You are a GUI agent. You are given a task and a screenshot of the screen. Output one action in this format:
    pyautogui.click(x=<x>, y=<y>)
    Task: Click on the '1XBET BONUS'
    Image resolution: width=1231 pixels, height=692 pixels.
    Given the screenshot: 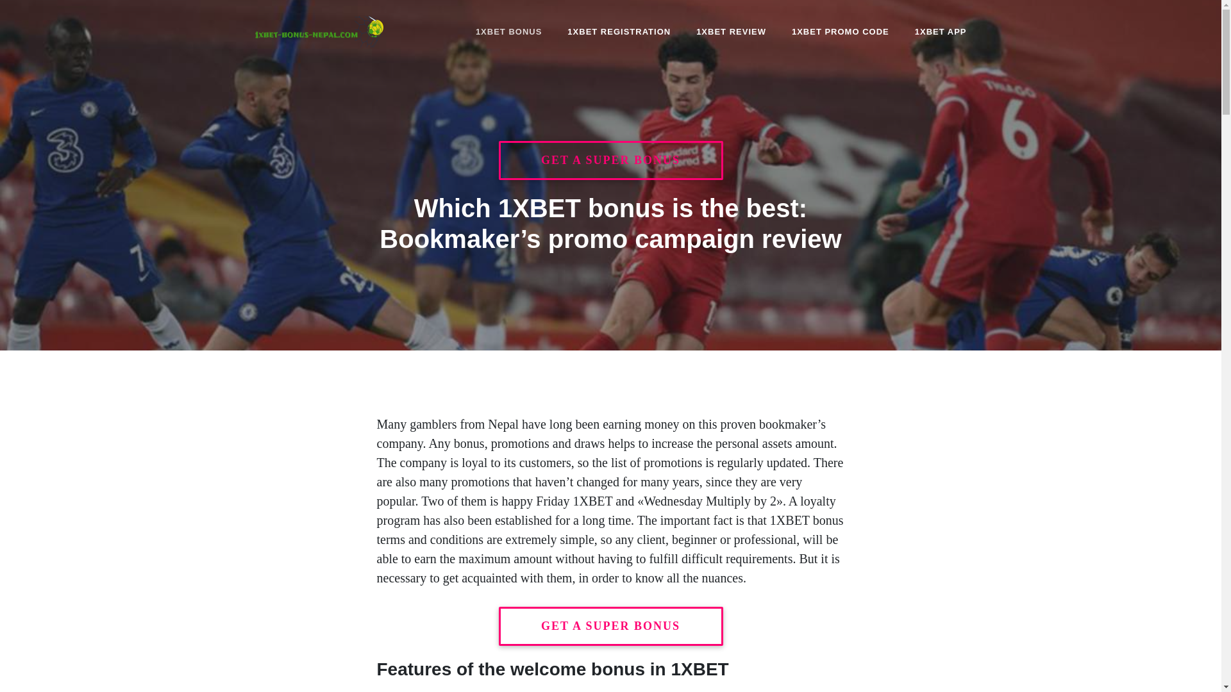 What is the action you would take?
    pyautogui.click(x=462, y=31)
    